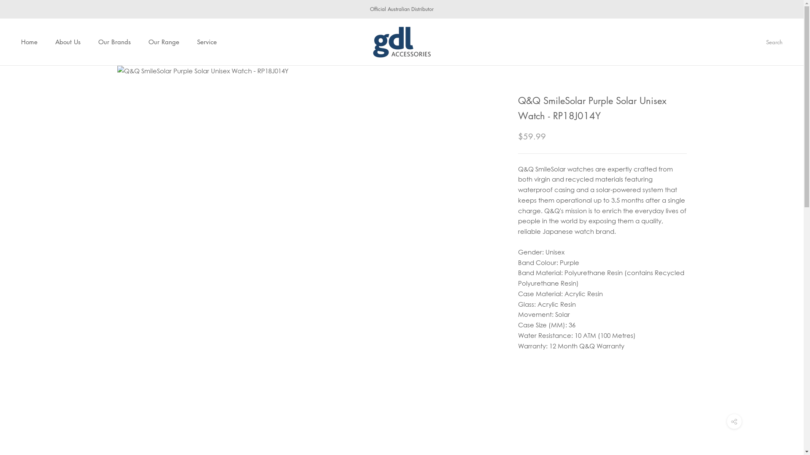 The width and height of the screenshot is (810, 455). I want to click on 'Our Brands, so click(114, 42).